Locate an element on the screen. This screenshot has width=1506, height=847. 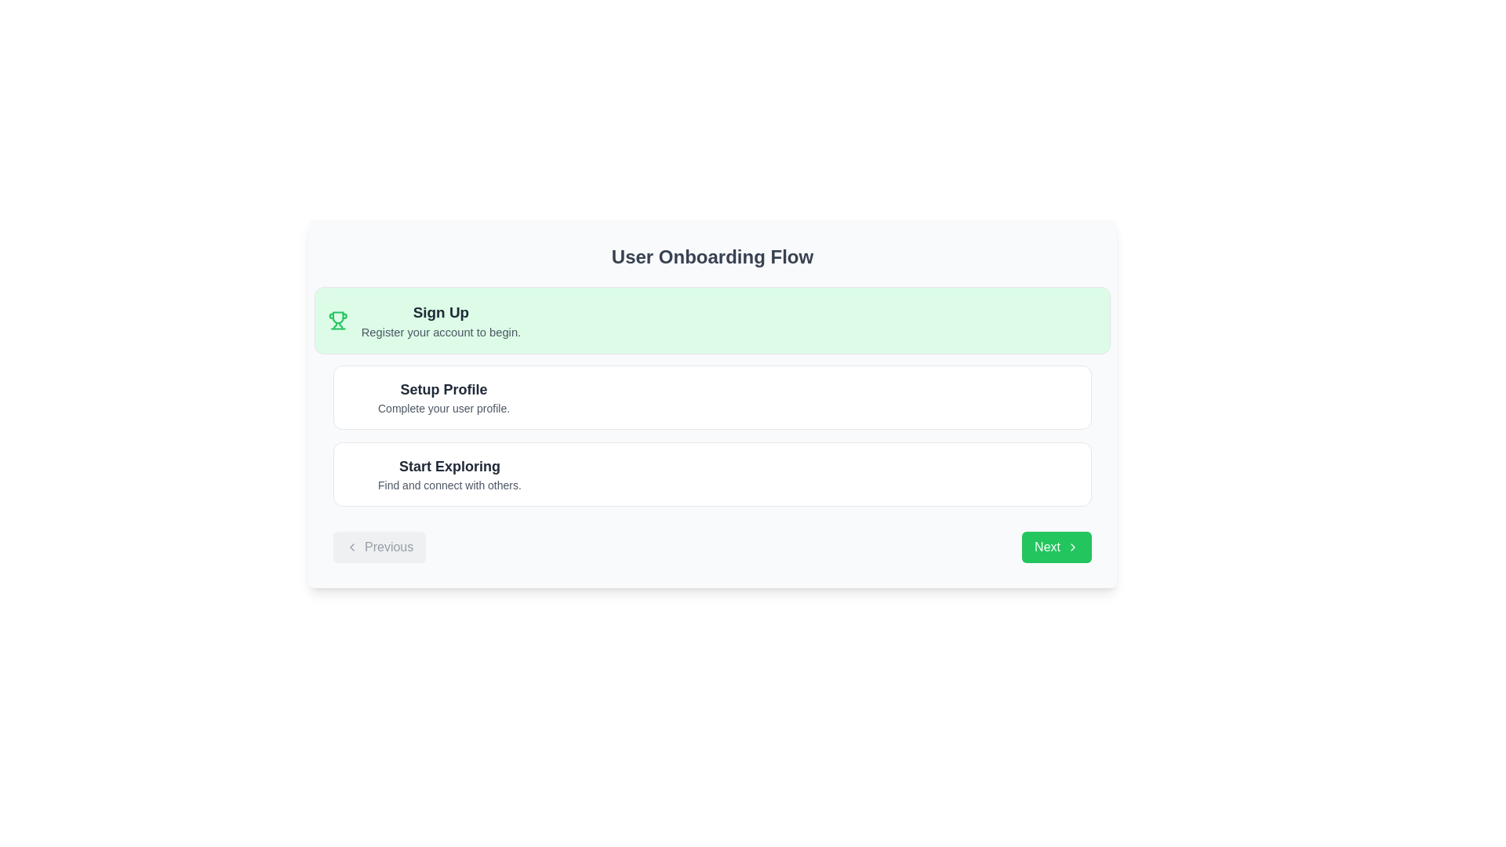
the third text descriptor in the onboarding process, which provides context and information about the next steps for the user is located at coordinates (449, 474).